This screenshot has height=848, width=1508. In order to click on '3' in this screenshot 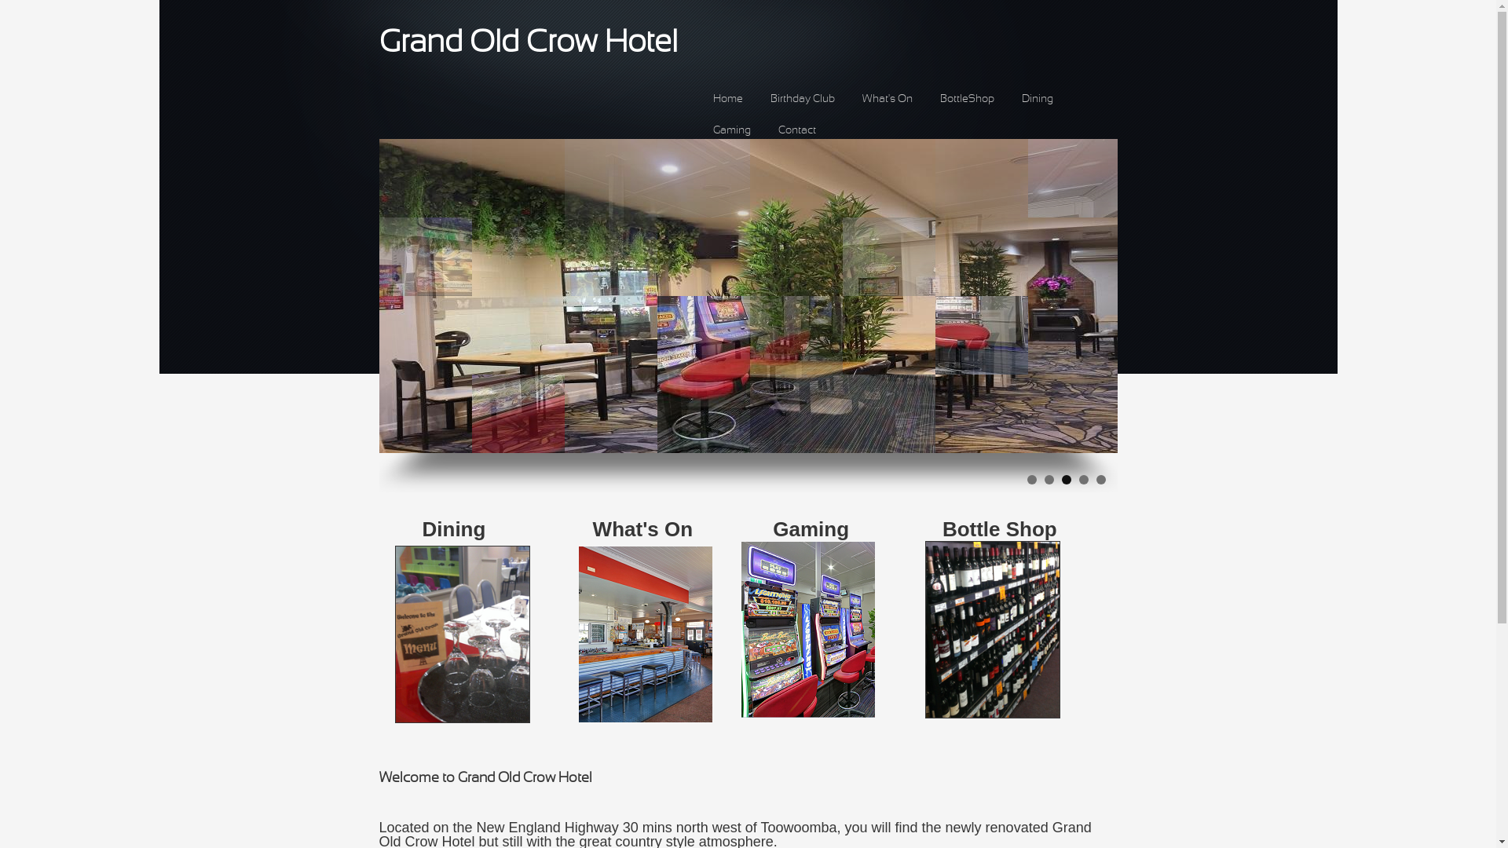, I will do `click(1067, 478)`.